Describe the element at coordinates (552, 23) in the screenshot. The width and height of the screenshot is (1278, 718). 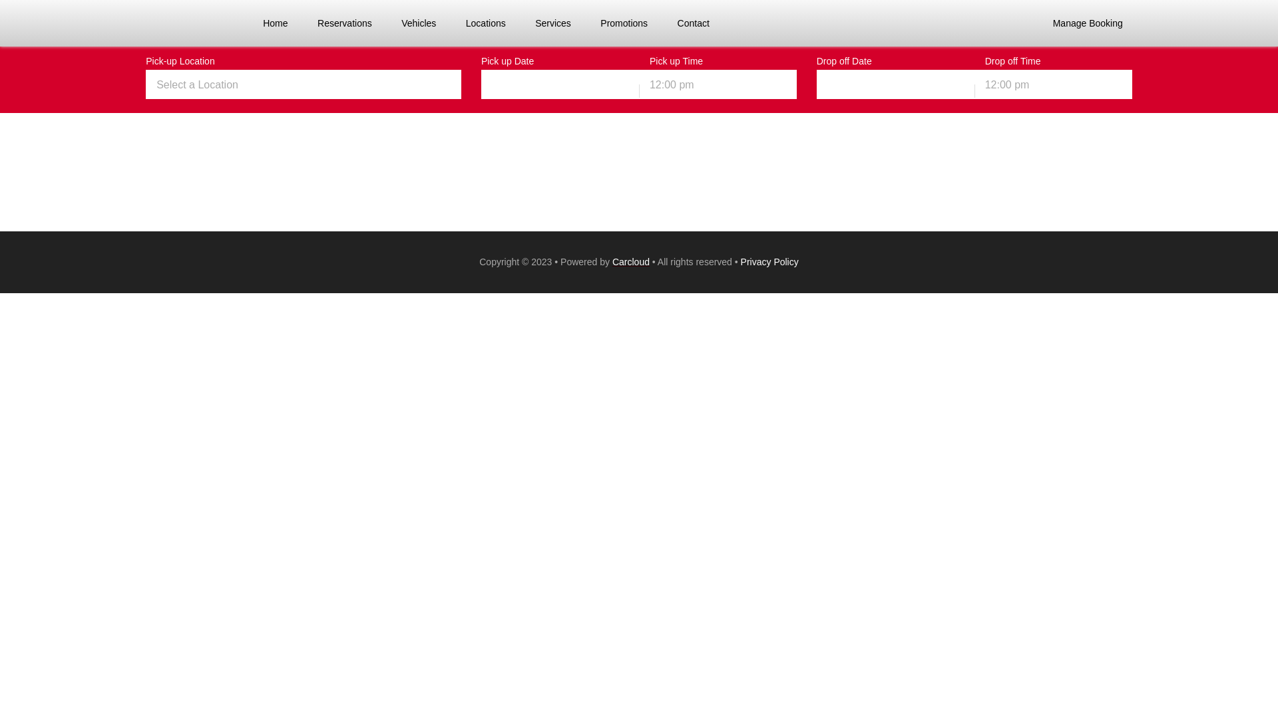
I see `'Services'` at that location.